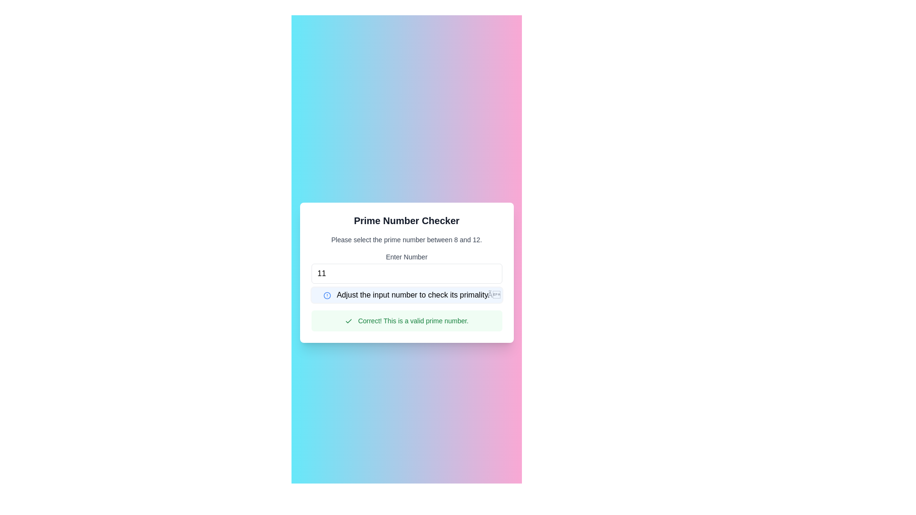 This screenshot has width=916, height=515. What do you see at coordinates (406, 257) in the screenshot?
I see `the text label 'Enter Number' which is styled with a smaller font size and medium weight, located above the number input field` at bounding box center [406, 257].